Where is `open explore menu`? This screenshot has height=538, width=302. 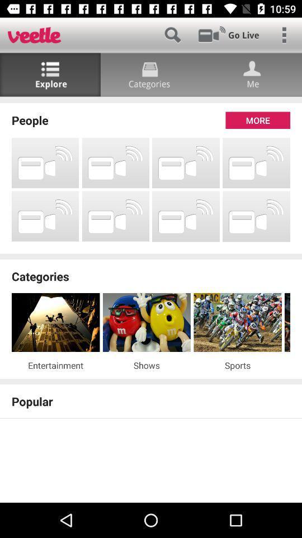
open explore menu is located at coordinates (50, 74).